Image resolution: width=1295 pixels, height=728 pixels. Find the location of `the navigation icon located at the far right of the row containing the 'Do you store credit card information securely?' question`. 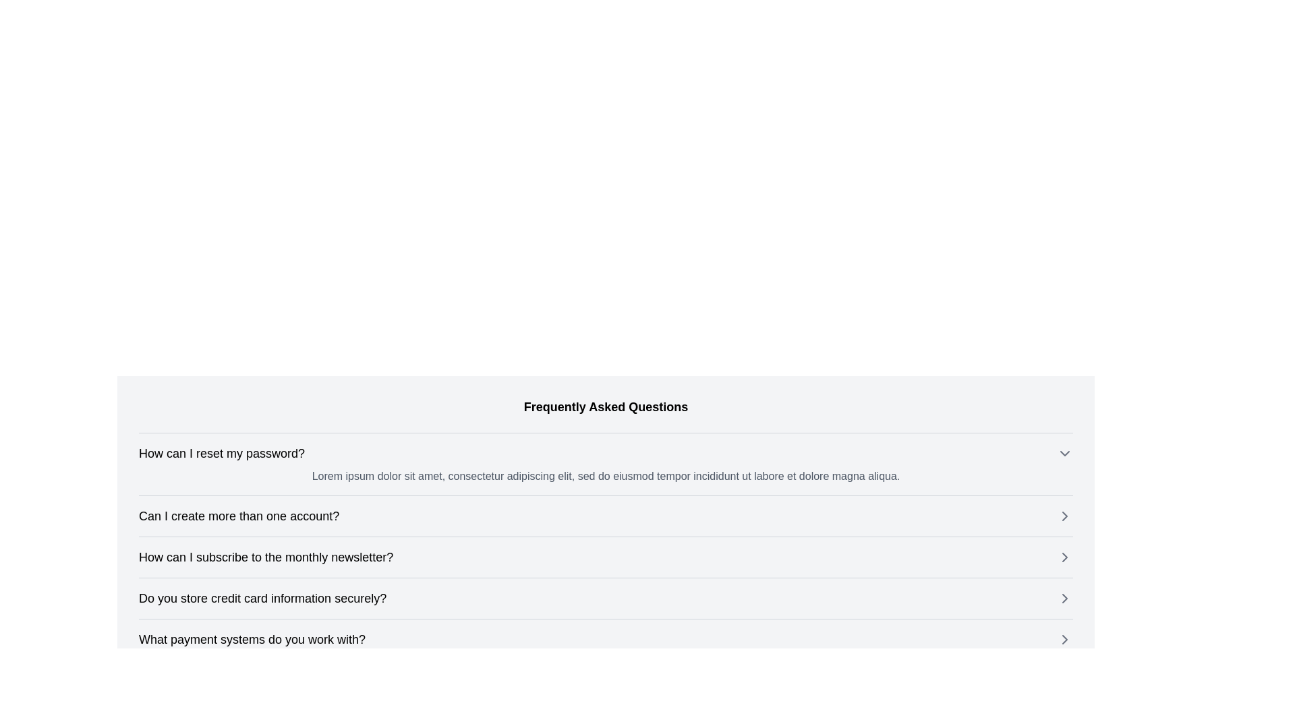

the navigation icon located at the far right of the row containing the 'Do you store credit card information securely?' question is located at coordinates (1064, 597).